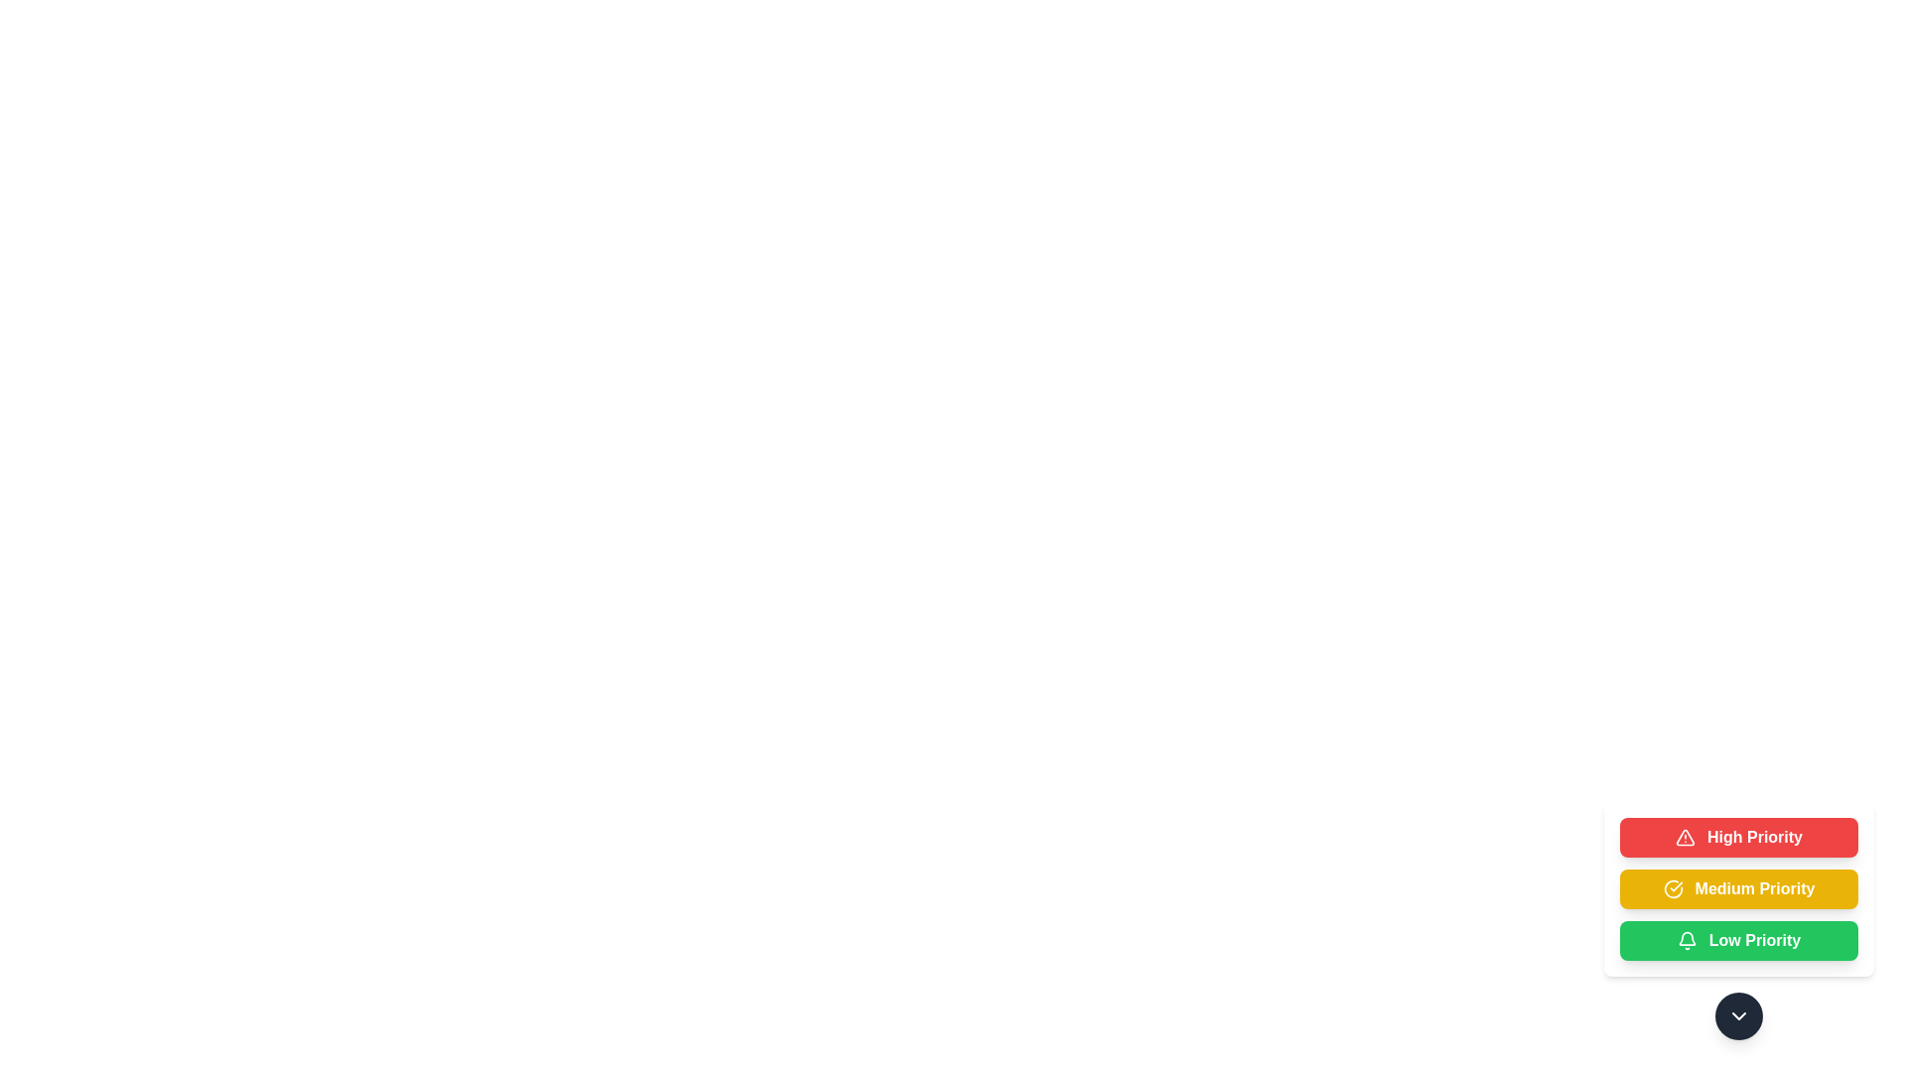 The image size is (1906, 1072). Describe the element at coordinates (1738, 838) in the screenshot. I see `the priority level High by clicking the corresponding button` at that location.